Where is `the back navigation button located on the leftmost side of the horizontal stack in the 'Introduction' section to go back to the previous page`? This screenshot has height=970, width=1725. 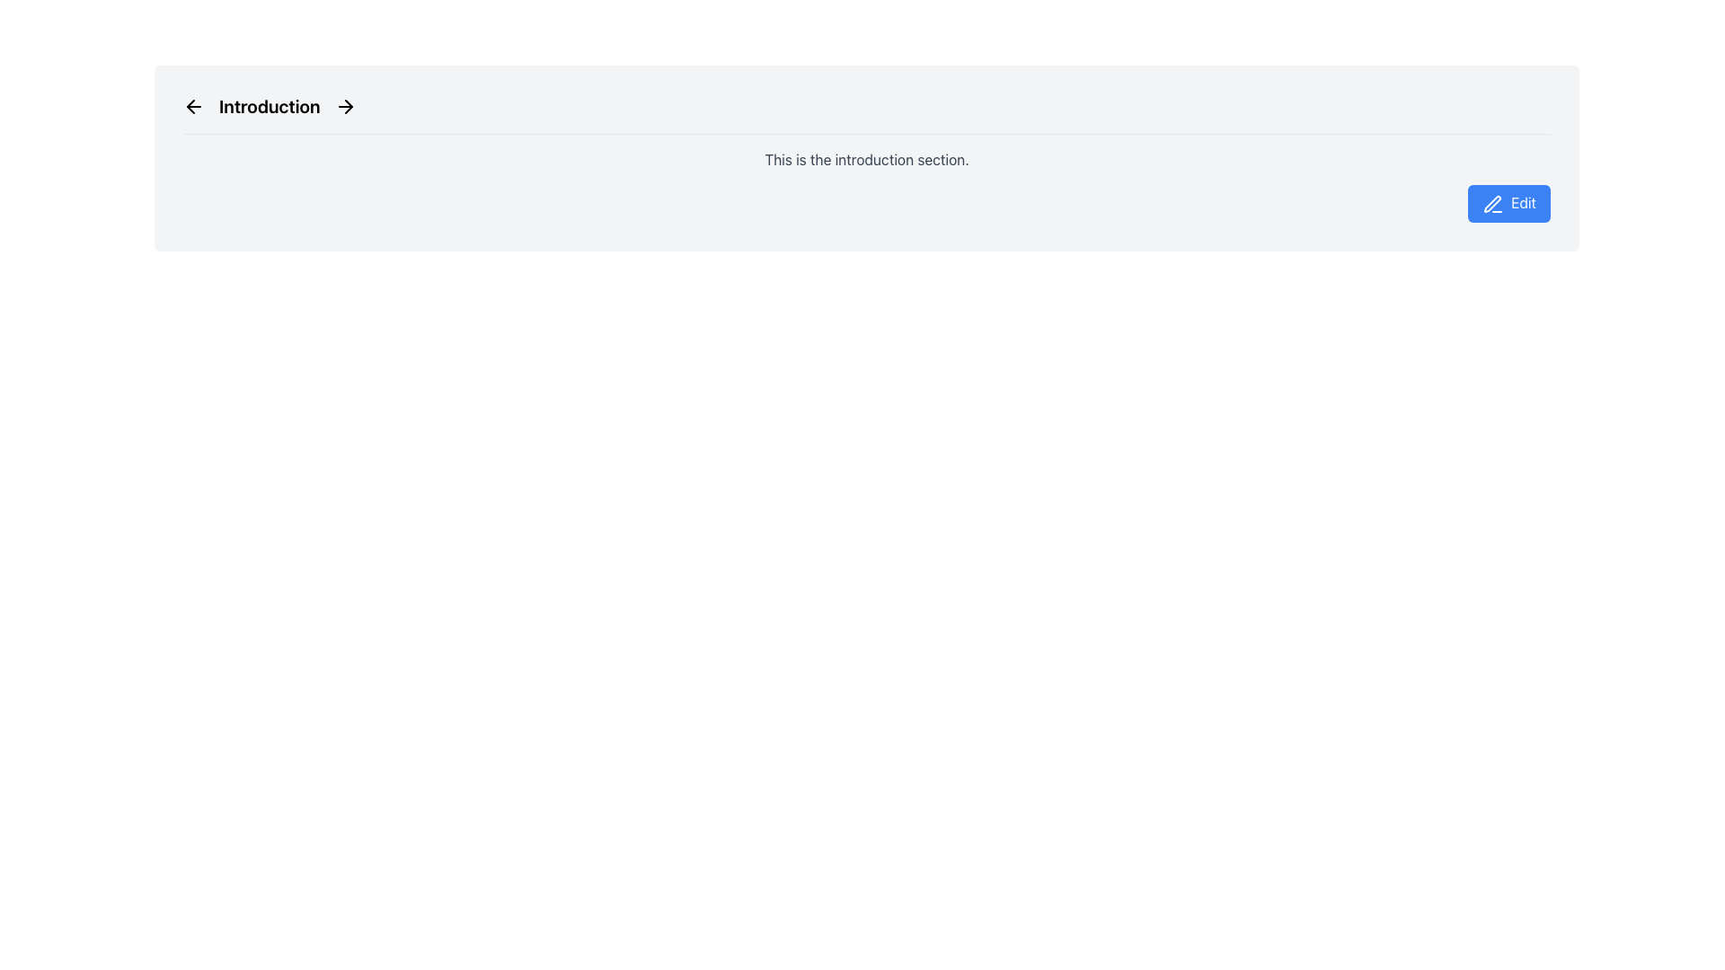
the back navigation button located on the leftmost side of the horizontal stack in the 'Introduction' section to go back to the previous page is located at coordinates (194, 107).